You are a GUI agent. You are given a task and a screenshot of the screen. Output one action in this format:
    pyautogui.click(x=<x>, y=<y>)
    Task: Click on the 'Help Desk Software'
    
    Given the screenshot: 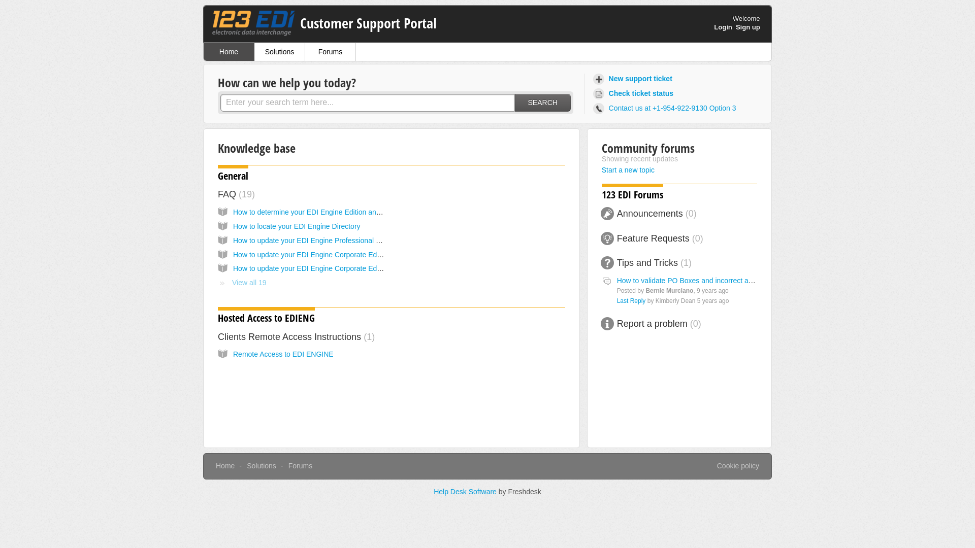 What is the action you would take?
    pyautogui.click(x=465, y=491)
    